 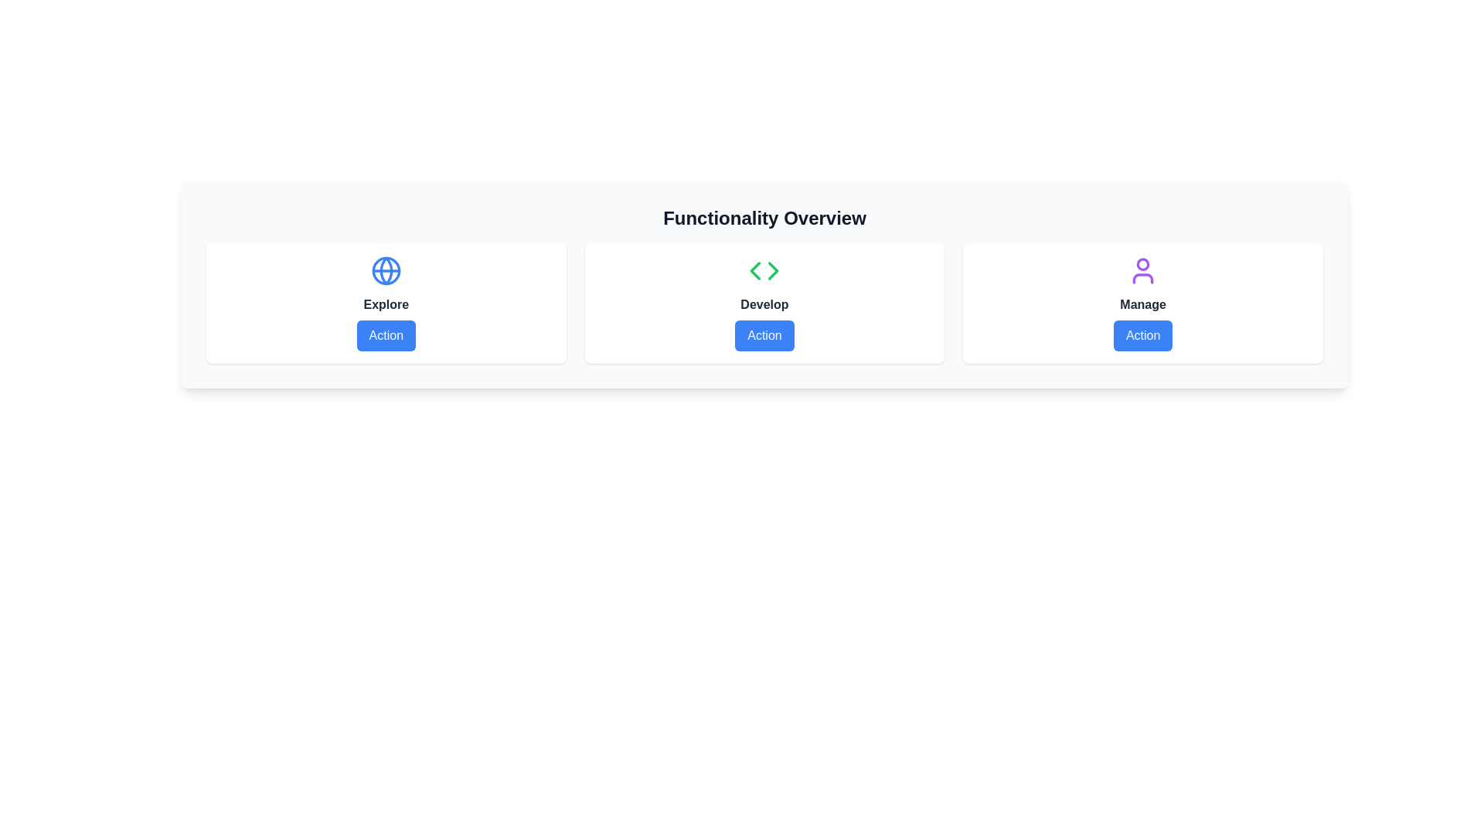 I want to click on the icon in the top section of the 'Manage' card, which is located directly above the 'Manage' label and the 'Action' button, so click(x=1143, y=270).